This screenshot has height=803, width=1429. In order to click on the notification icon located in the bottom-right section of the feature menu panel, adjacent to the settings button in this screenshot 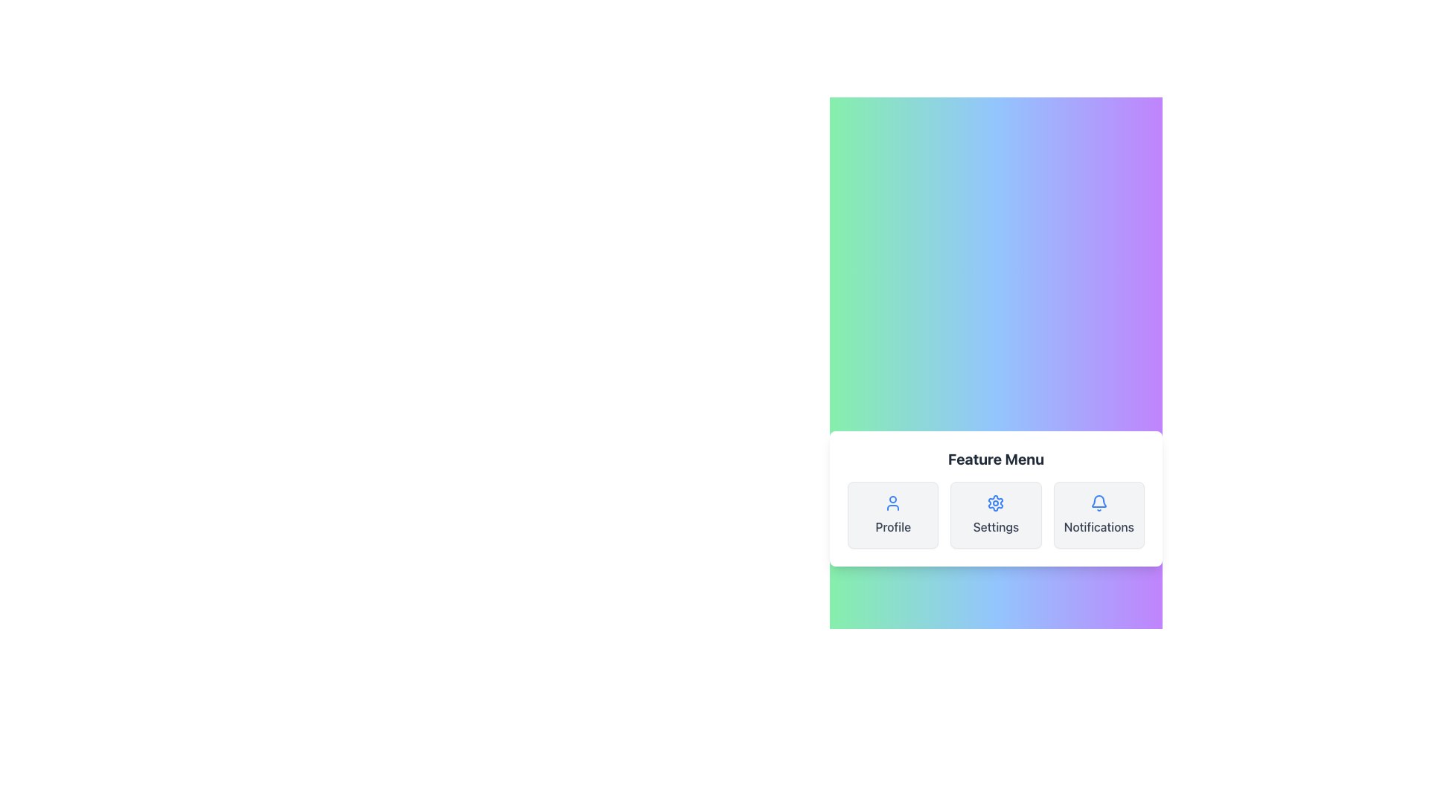, I will do `click(1099, 503)`.